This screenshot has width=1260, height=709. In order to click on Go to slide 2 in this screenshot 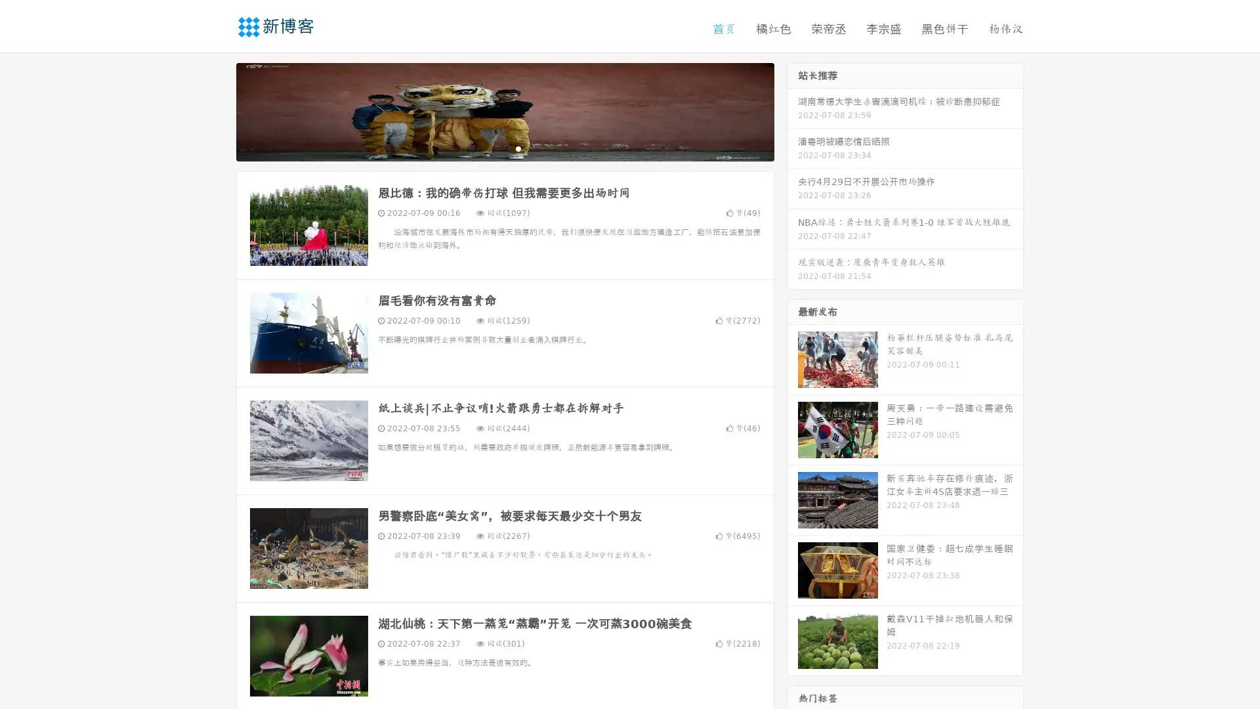, I will do `click(504, 148)`.